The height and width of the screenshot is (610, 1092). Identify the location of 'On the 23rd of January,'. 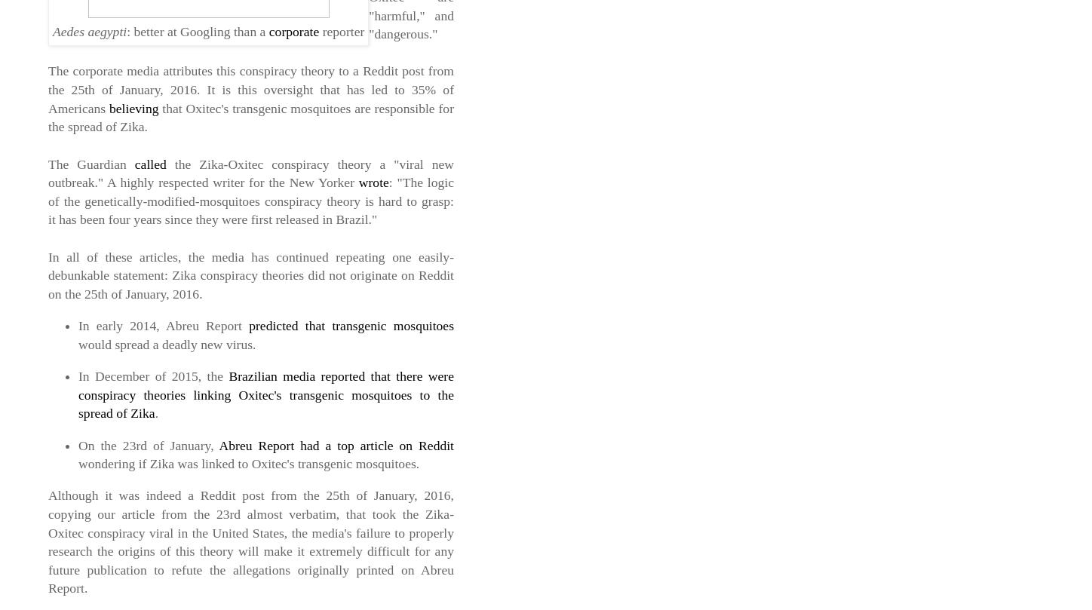
(148, 445).